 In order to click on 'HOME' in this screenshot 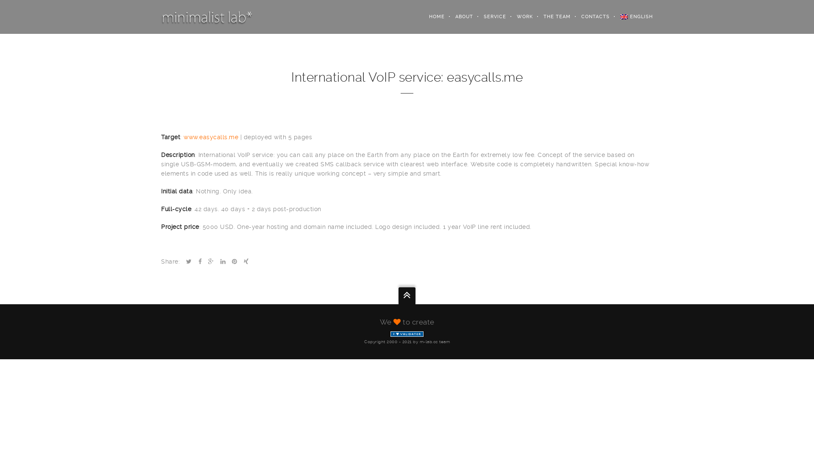, I will do `click(431, 17)`.